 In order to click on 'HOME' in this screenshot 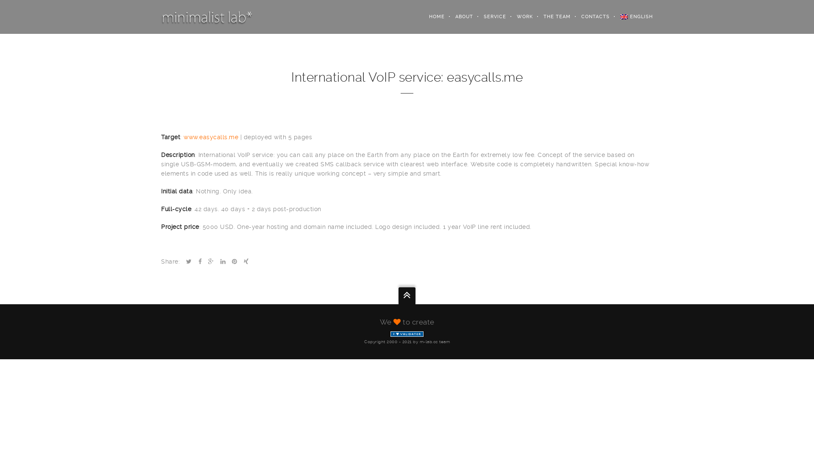, I will do `click(431, 17)`.